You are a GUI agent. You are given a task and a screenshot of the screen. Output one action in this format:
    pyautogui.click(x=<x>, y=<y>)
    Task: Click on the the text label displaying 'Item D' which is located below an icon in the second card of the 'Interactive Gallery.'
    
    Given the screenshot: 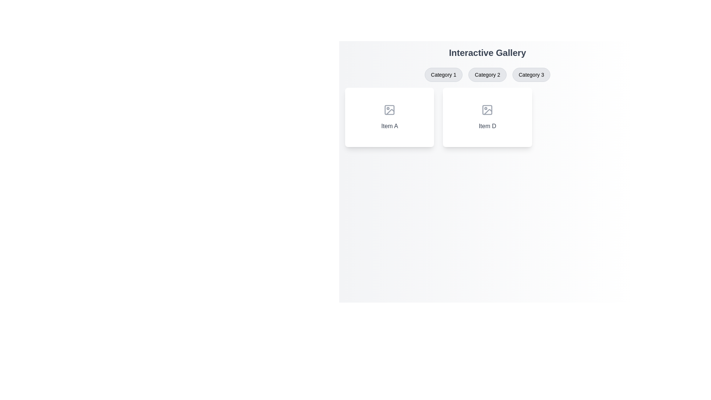 What is the action you would take?
    pyautogui.click(x=487, y=126)
    